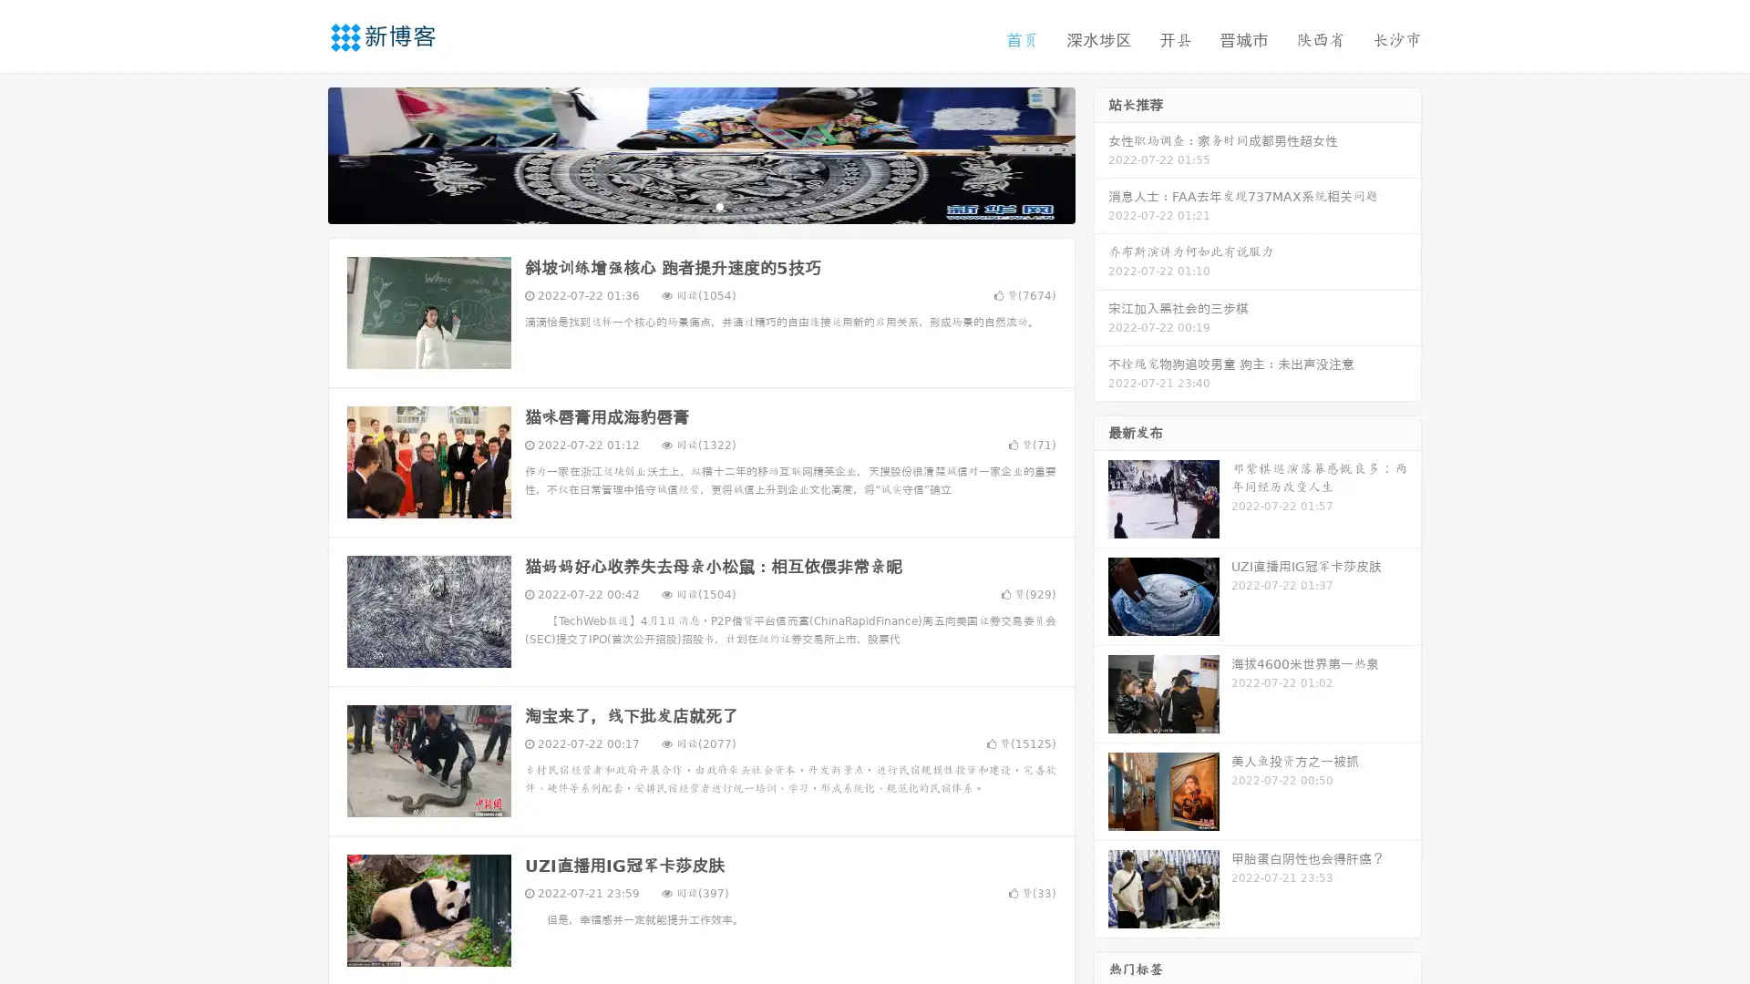 The image size is (1750, 984). Describe the element at coordinates (700, 205) in the screenshot. I see `Go to slide 2` at that location.